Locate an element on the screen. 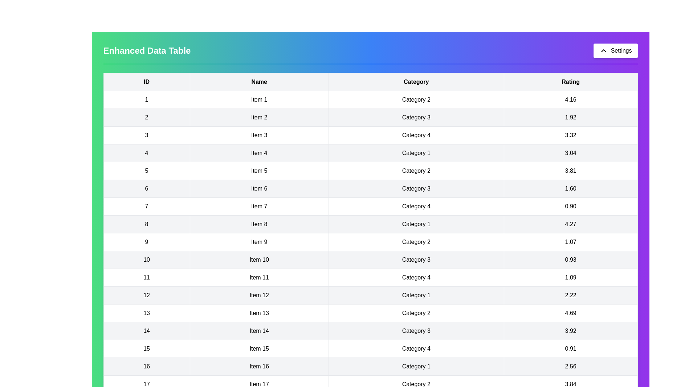 The height and width of the screenshot is (392, 697). the table header Name to examine it is located at coordinates (259, 82).